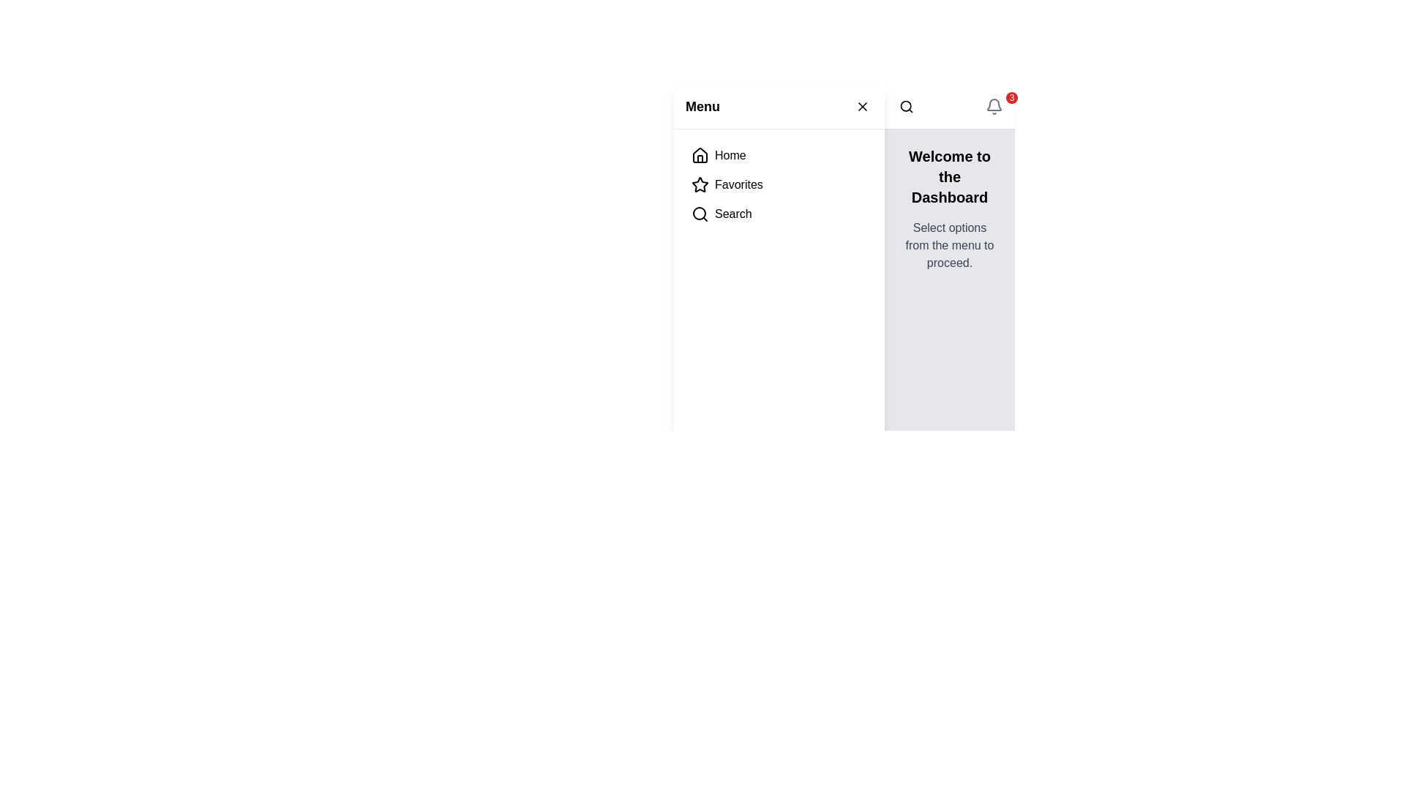  I want to click on the notification icon, which is a curved bell shape outline styled in gray and located near the top-right of the interface, adjacent to a badge displaying notifications, so click(994, 104).